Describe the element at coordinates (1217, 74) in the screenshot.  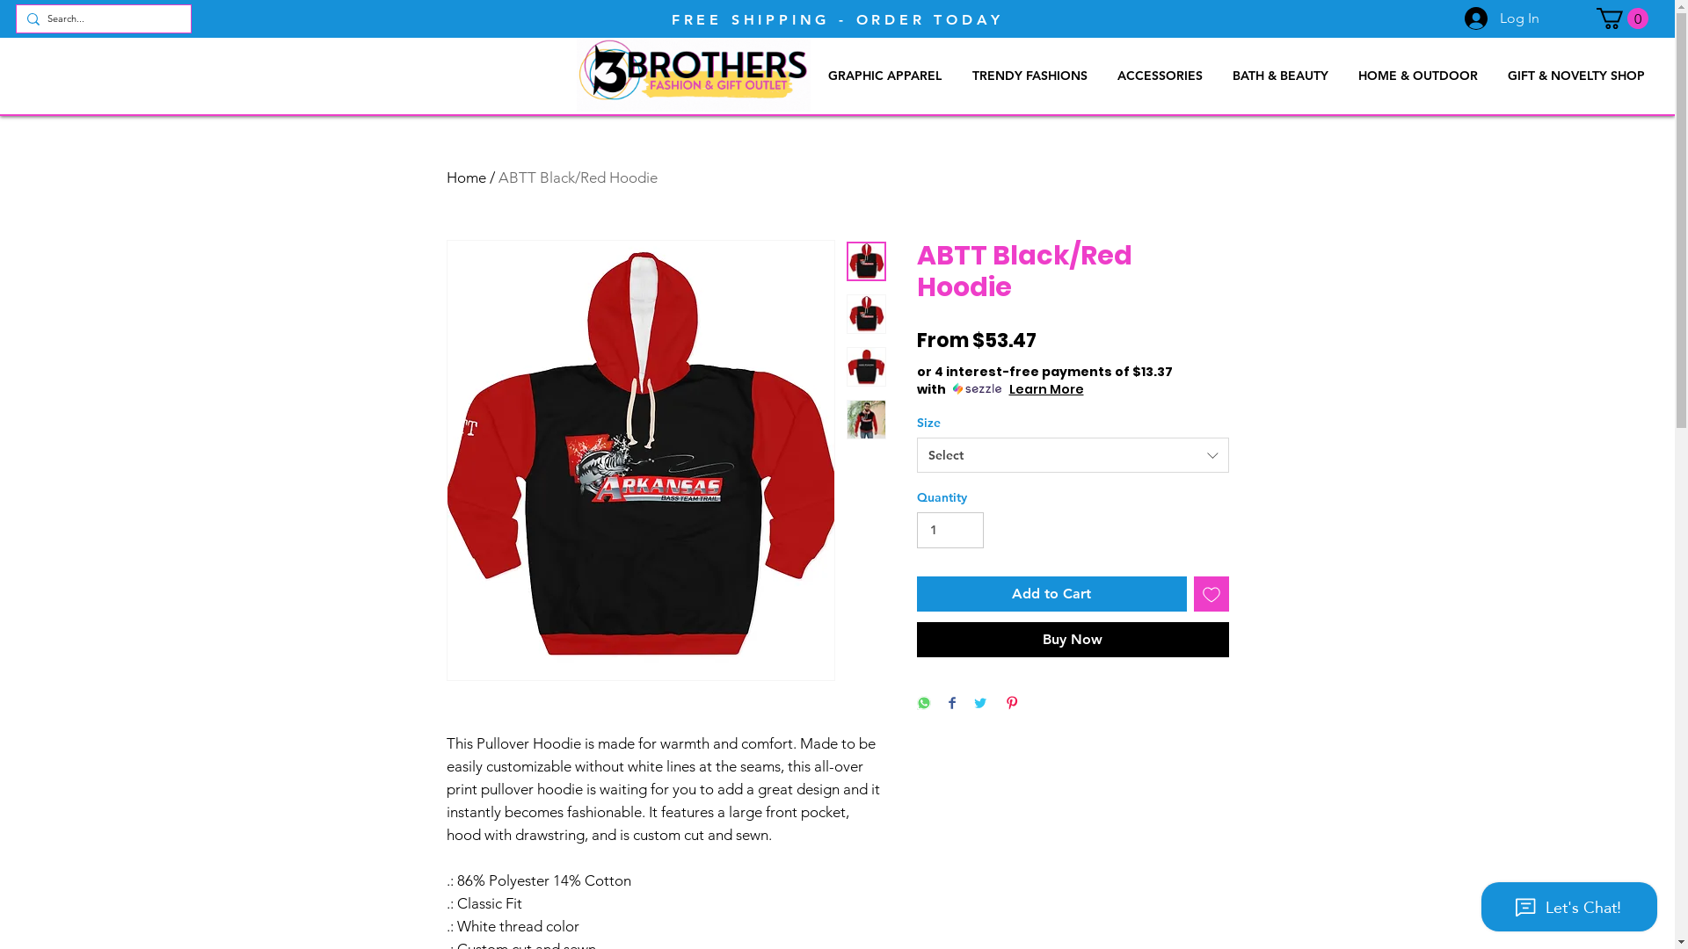
I see `'BATH & BEAUTY'` at that location.